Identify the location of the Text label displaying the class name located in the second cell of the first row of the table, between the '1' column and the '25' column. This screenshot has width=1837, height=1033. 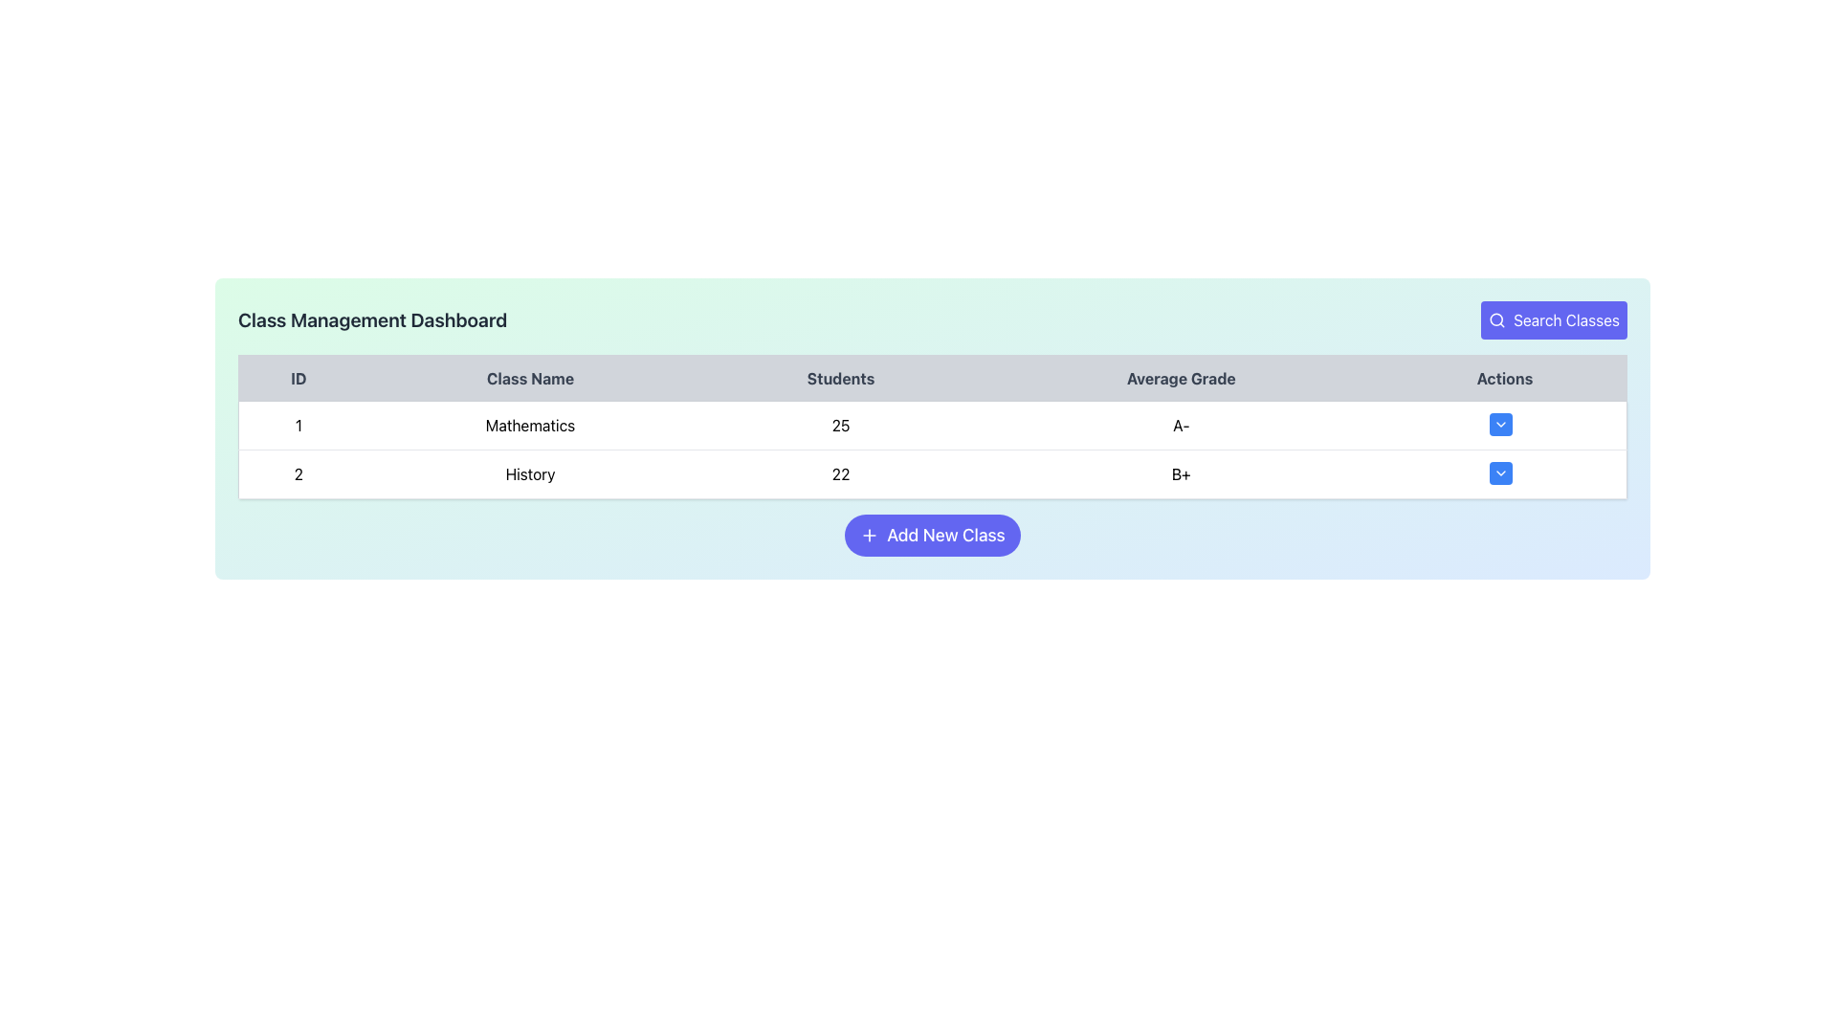
(530, 425).